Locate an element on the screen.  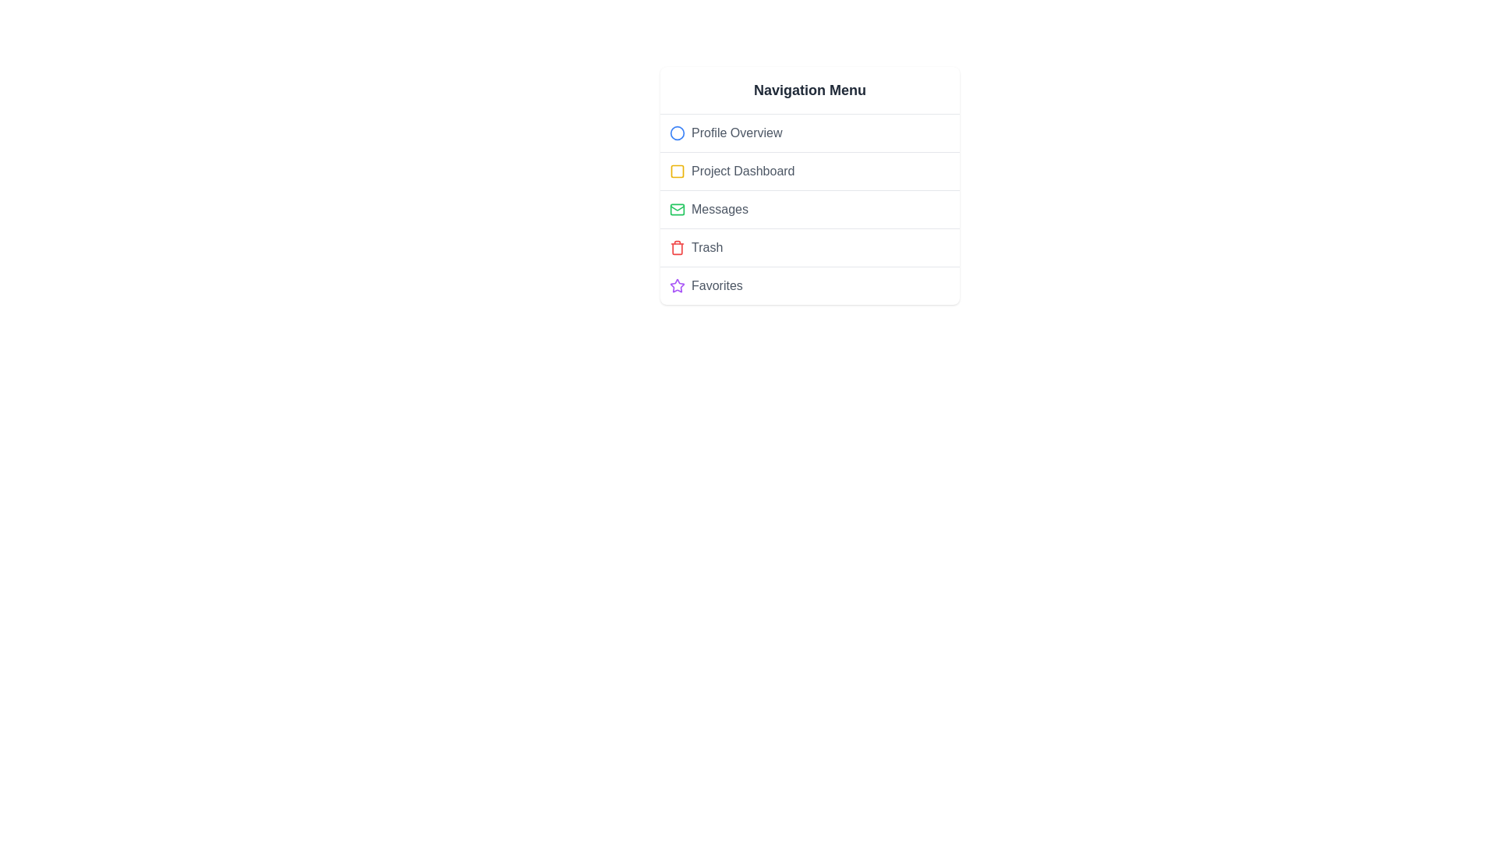
the menu item labeled Project Dashboard is located at coordinates (809, 171).